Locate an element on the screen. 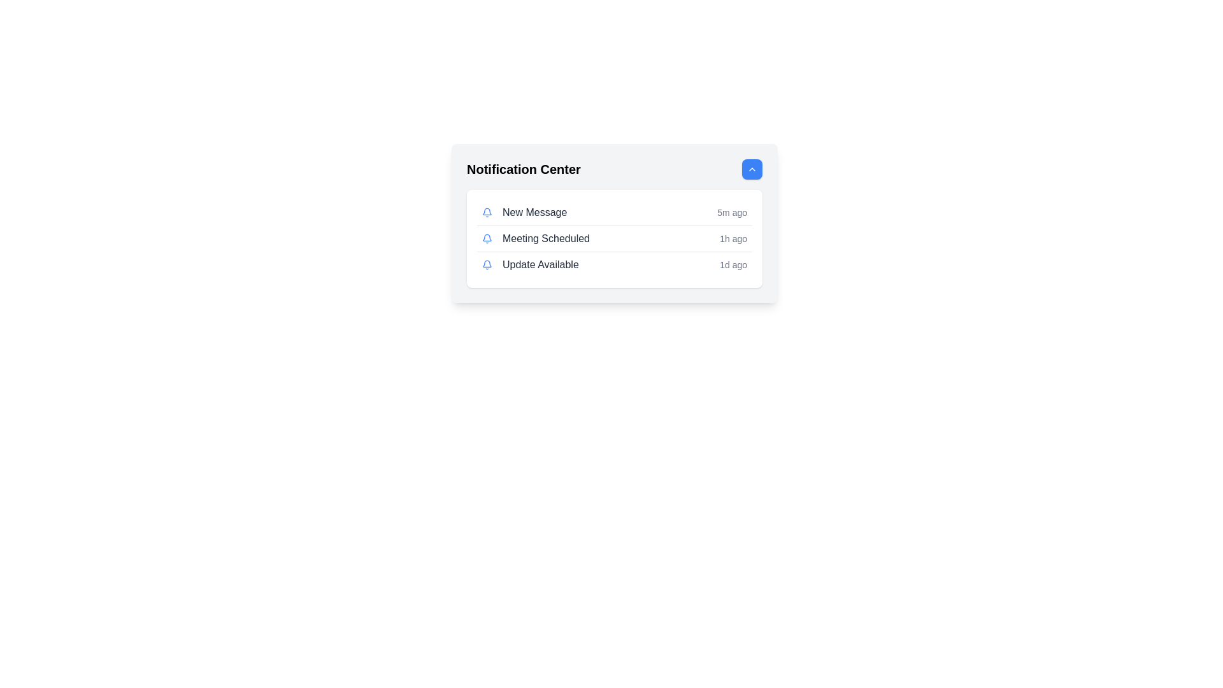 This screenshot has height=688, width=1223. the notification category icon located at the top-left corner of the 'New Message' notification row is located at coordinates (486, 212).